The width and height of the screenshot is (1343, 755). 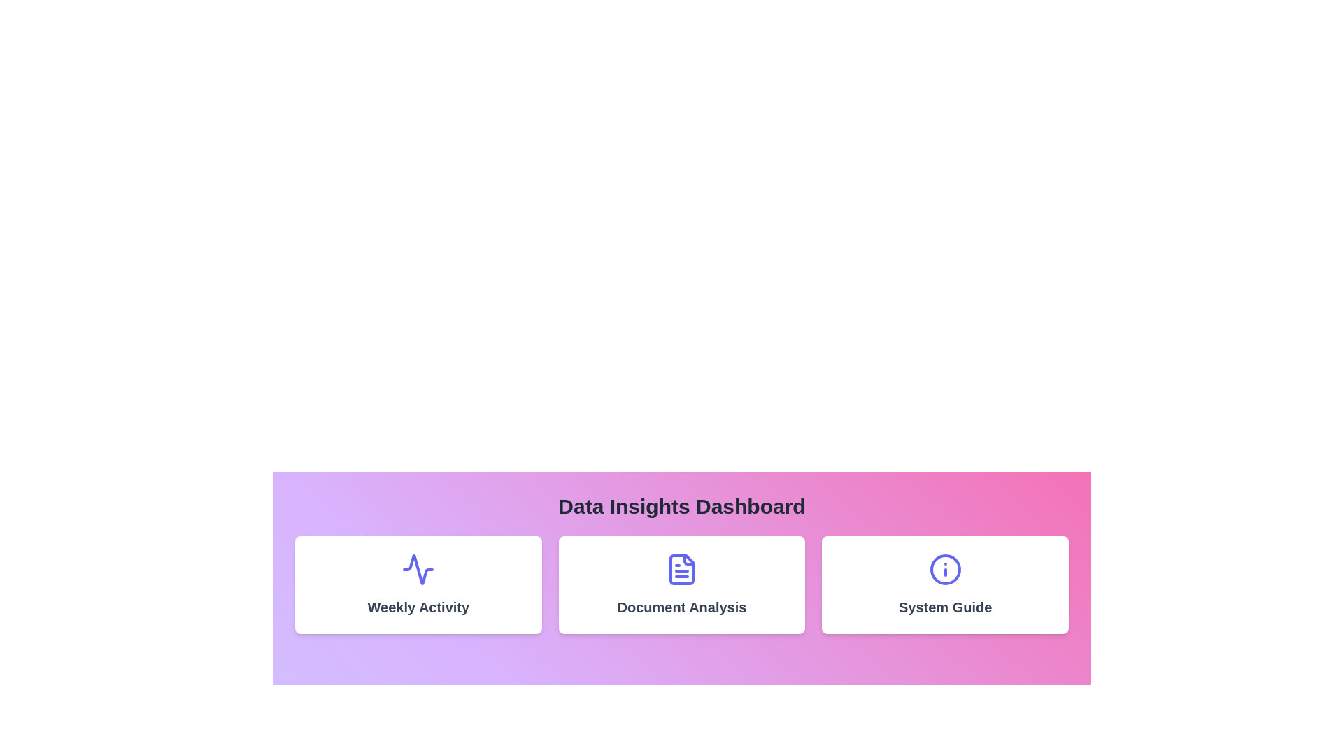 What do you see at coordinates (945, 585) in the screenshot?
I see `the 'System Guide' card element, which features a blue outlined information icon and dark gray text, positioned in the rightmost column of a three-column grid` at bounding box center [945, 585].